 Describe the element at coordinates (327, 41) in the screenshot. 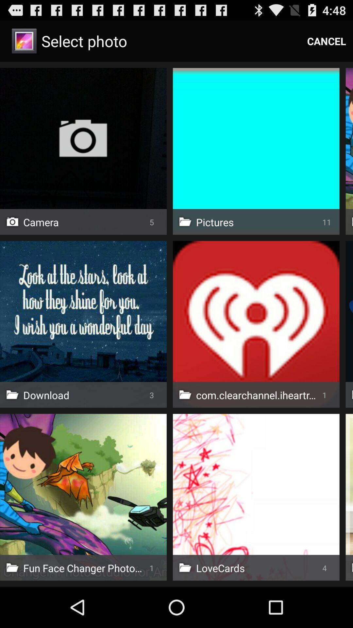

I see `the item to the right of select photo icon` at that location.